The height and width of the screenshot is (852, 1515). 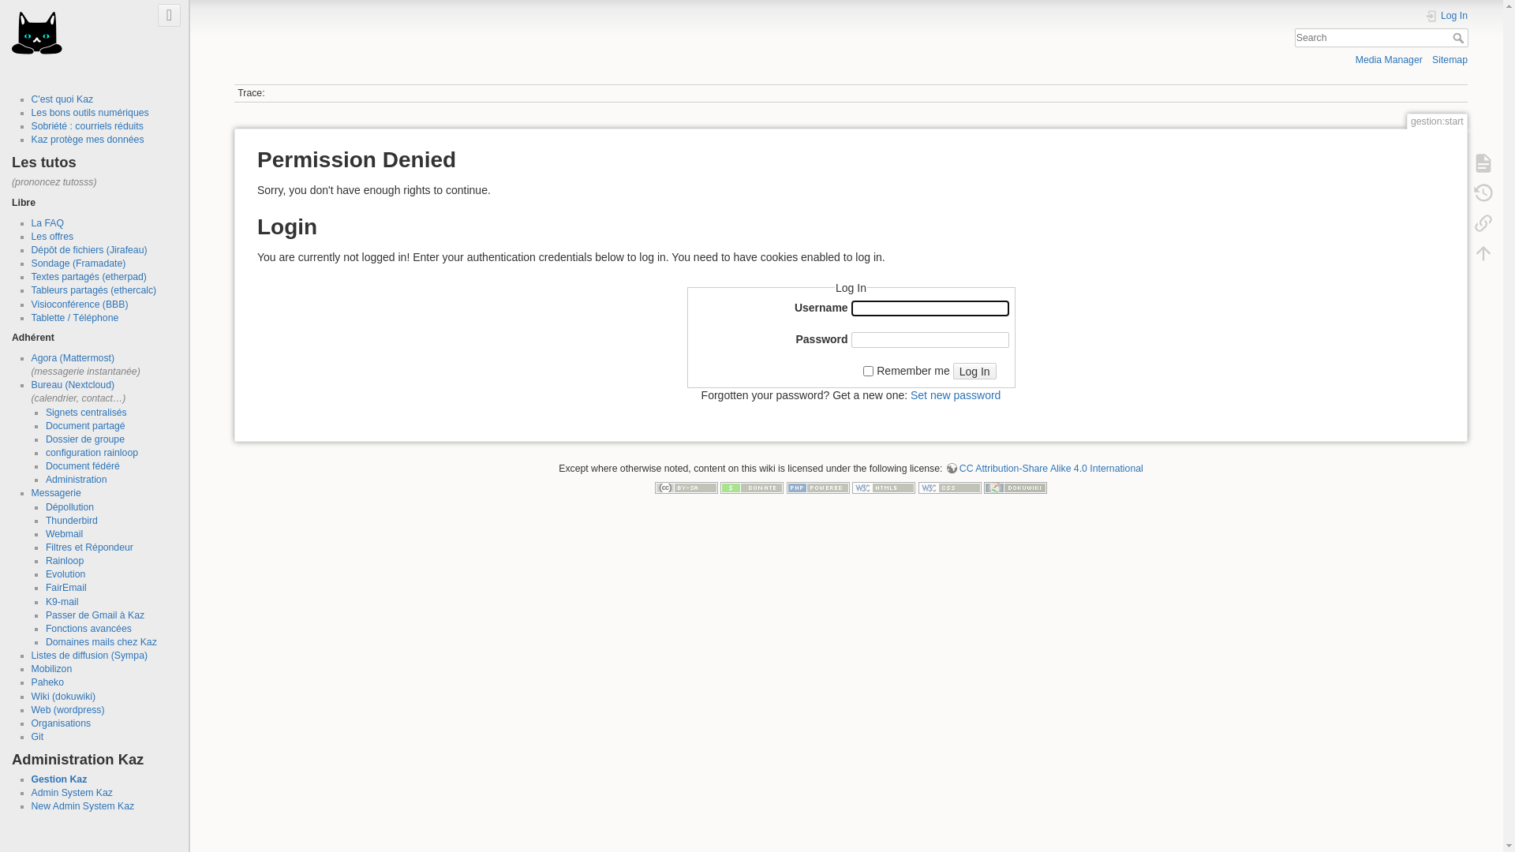 What do you see at coordinates (1459, 36) in the screenshot?
I see `'Search'` at bounding box center [1459, 36].